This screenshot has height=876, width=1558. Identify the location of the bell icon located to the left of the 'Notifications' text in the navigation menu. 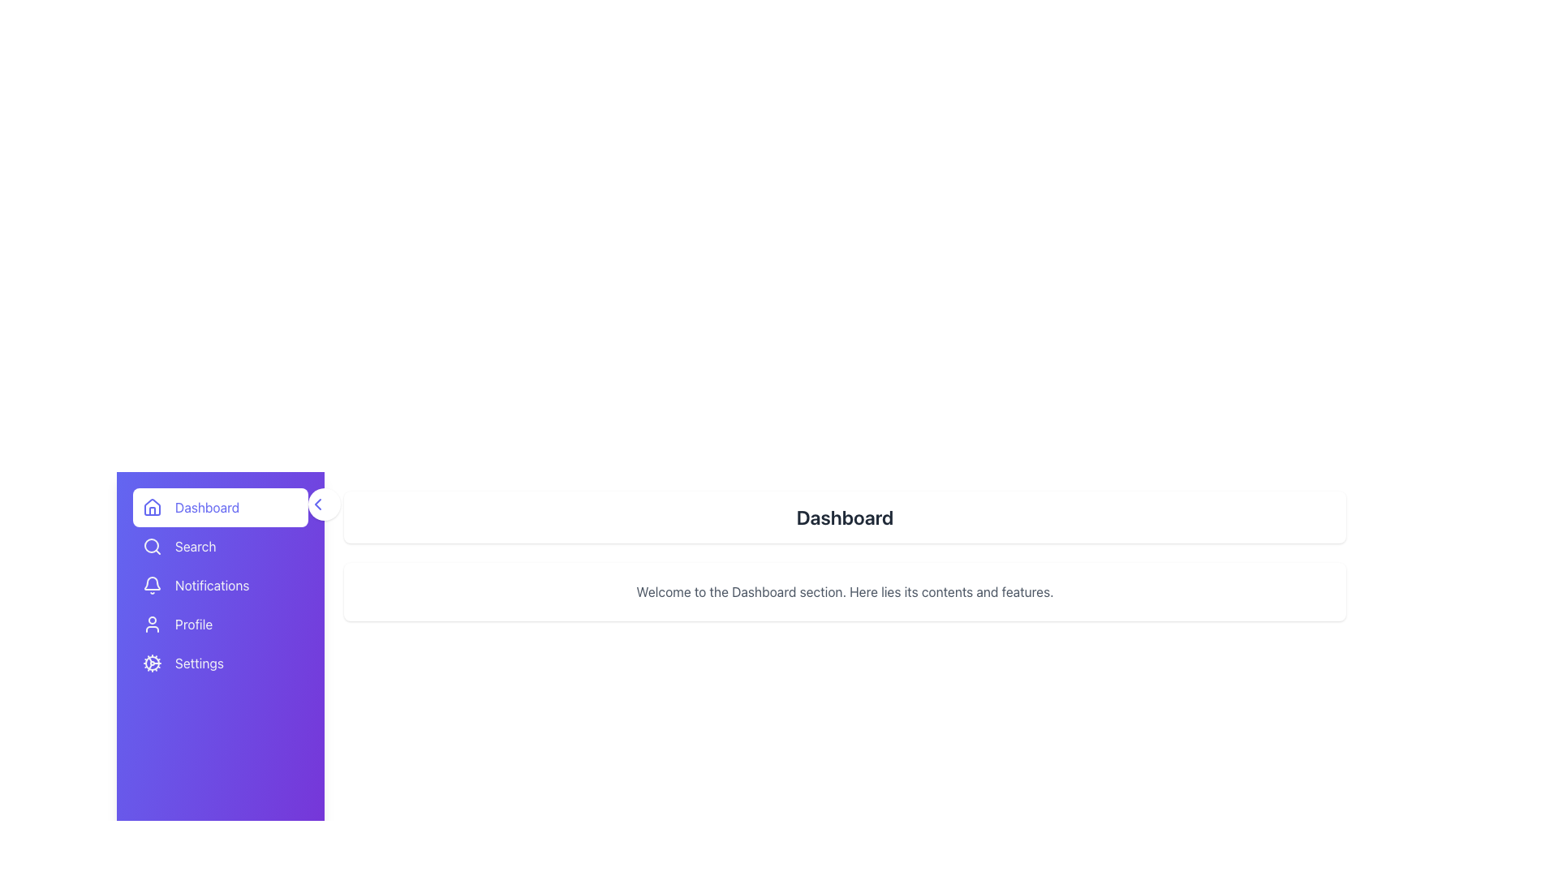
(152, 585).